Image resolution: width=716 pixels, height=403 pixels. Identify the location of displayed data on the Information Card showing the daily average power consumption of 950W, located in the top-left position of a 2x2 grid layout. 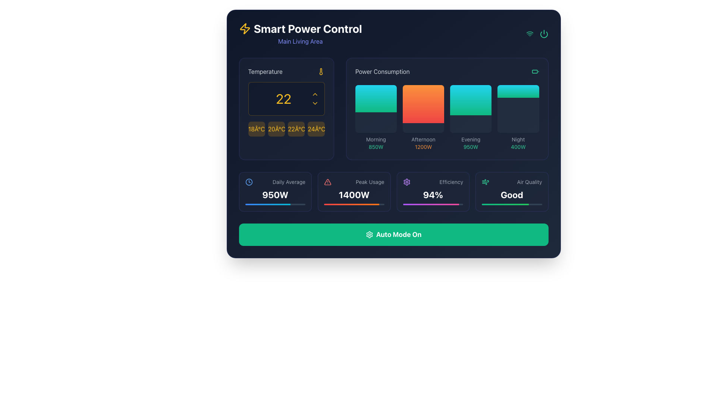
(275, 191).